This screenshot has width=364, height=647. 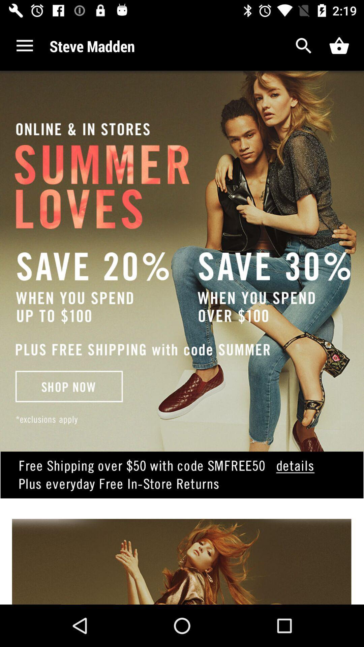 What do you see at coordinates (182, 485) in the screenshot?
I see `shows coupon details` at bounding box center [182, 485].